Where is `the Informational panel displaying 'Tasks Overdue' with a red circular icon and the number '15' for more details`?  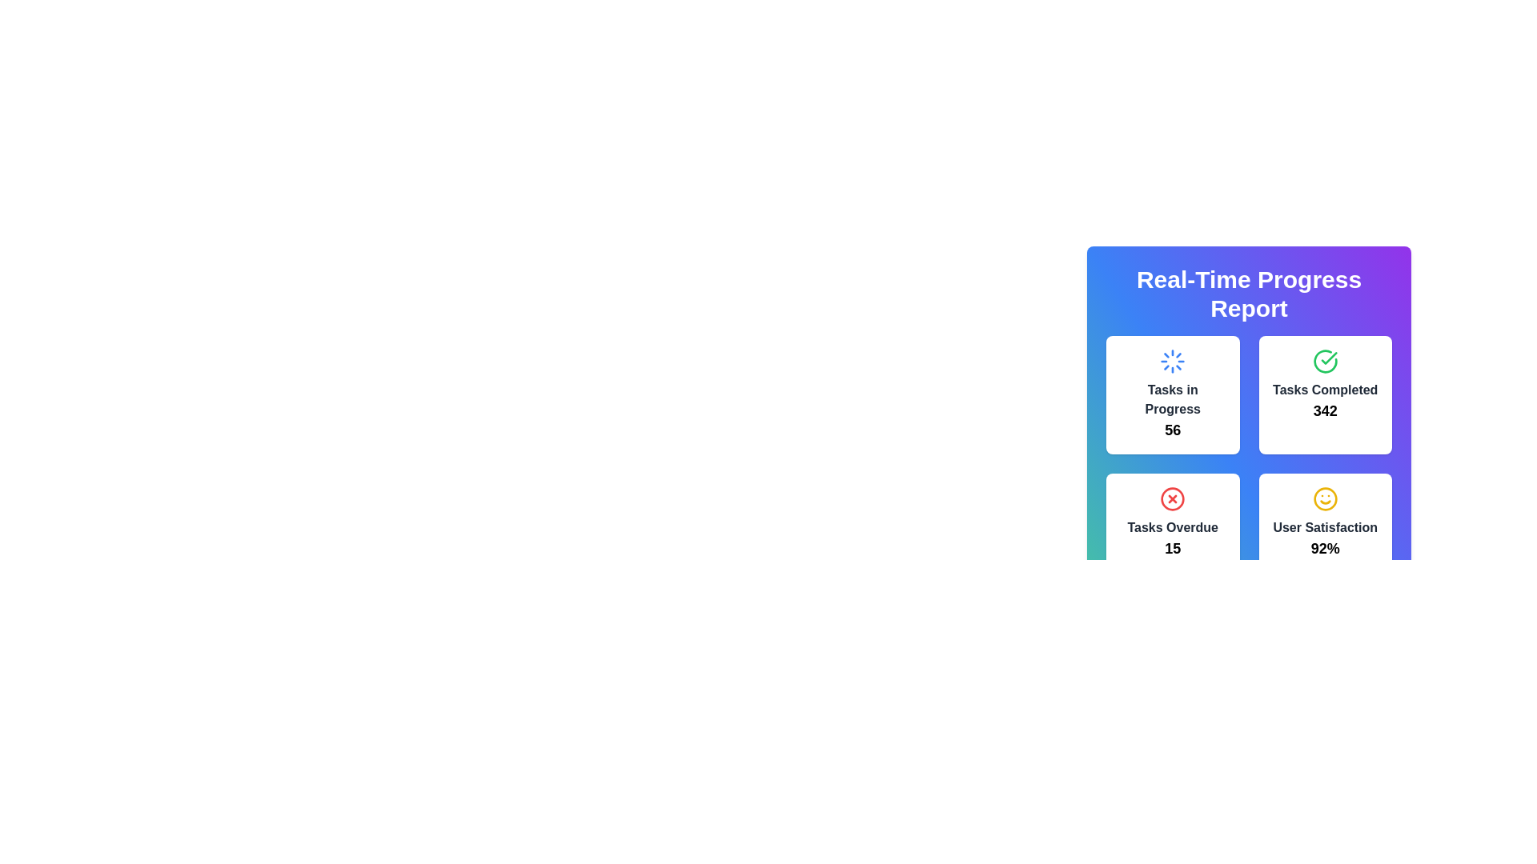 the Informational panel displaying 'Tasks Overdue' with a red circular icon and the number '15' for more details is located at coordinates (1173, 523).